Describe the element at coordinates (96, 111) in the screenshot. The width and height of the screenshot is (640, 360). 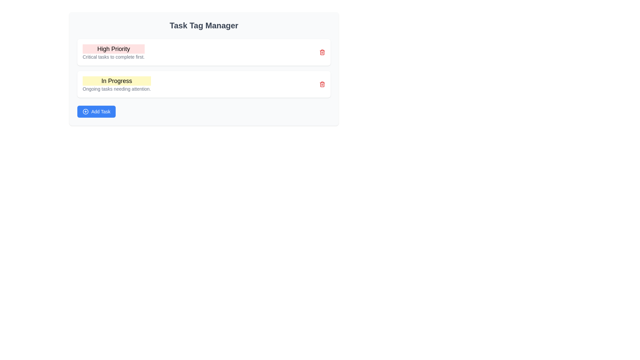
I see `the blue rectangular 'Add Task' button with rounded corners located at the bottom of the 'Task Tag Manager' panel` at that location.